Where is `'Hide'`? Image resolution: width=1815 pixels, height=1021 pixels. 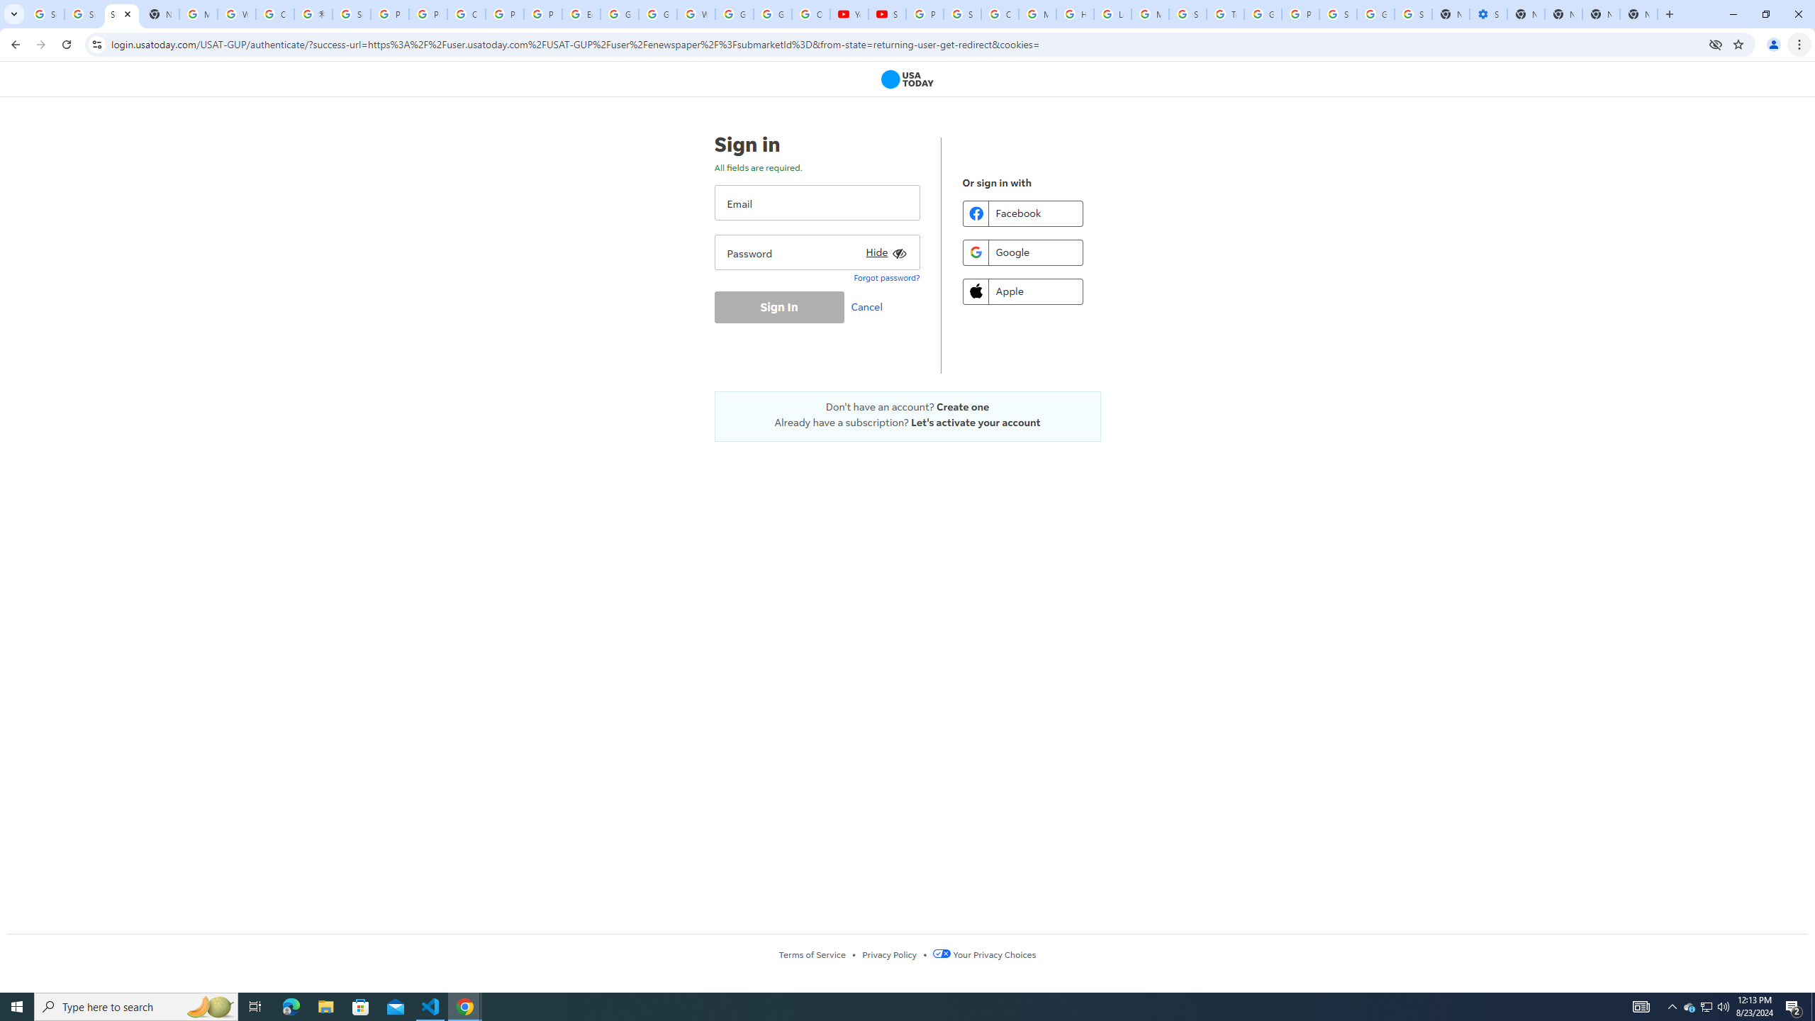 'Hide' is located at coordinates (883, 250).